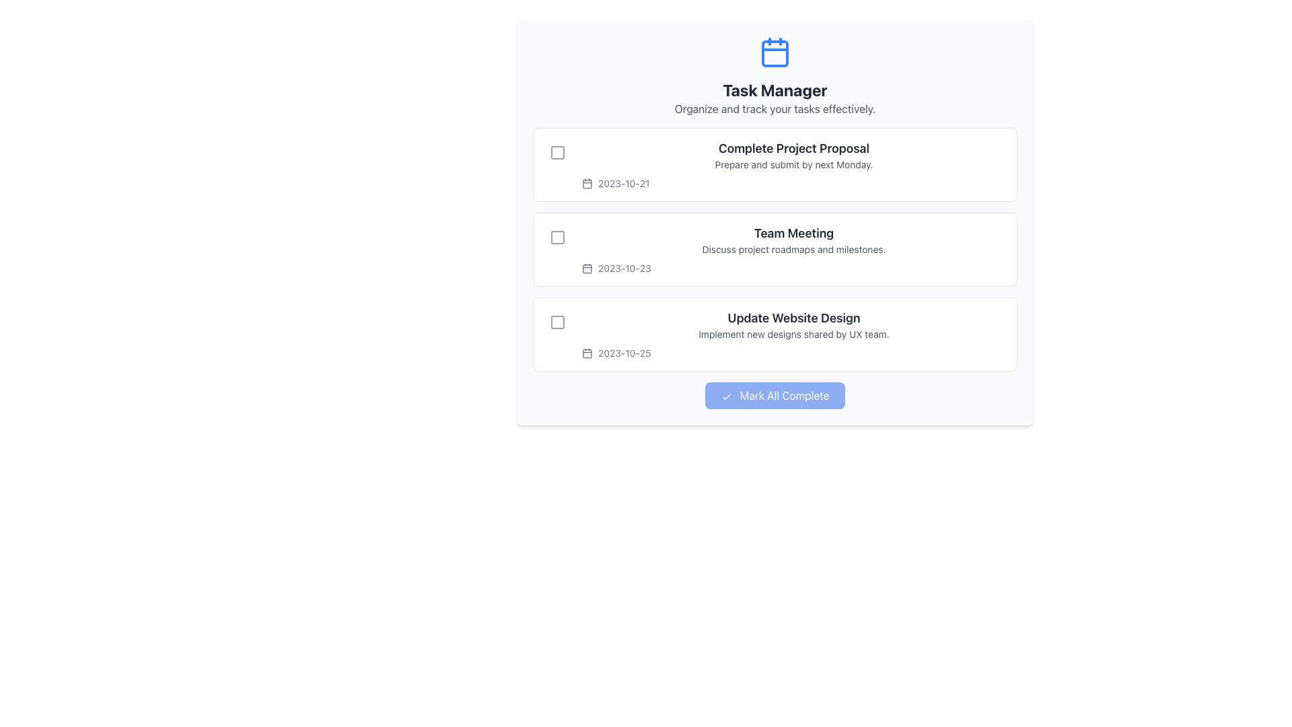  I want to click on the static text that serves as a subtitle for the 'Task Manager' section, located directly beneath the bold 'Task Manager' text, so click(775, 108).